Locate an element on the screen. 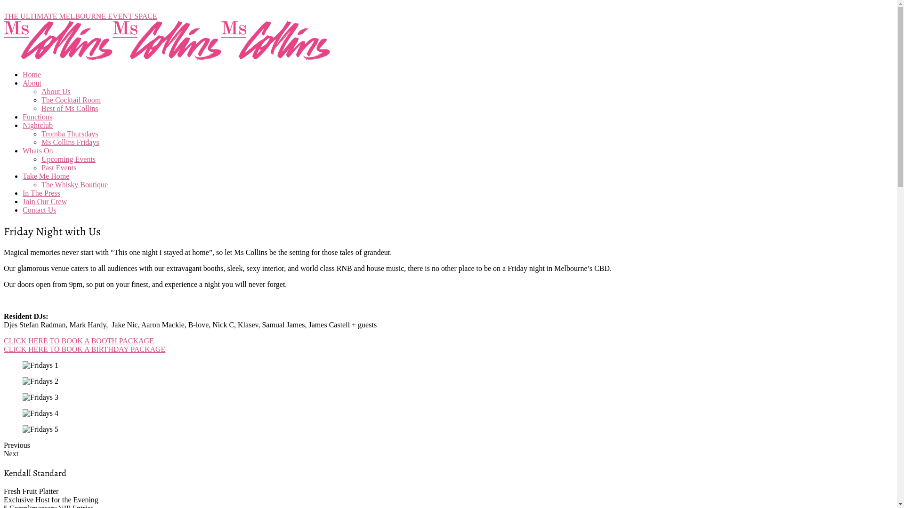 This screenshot has width=904, height=508. 'The Whisky Boutique' is located at coordinates (74, 184).